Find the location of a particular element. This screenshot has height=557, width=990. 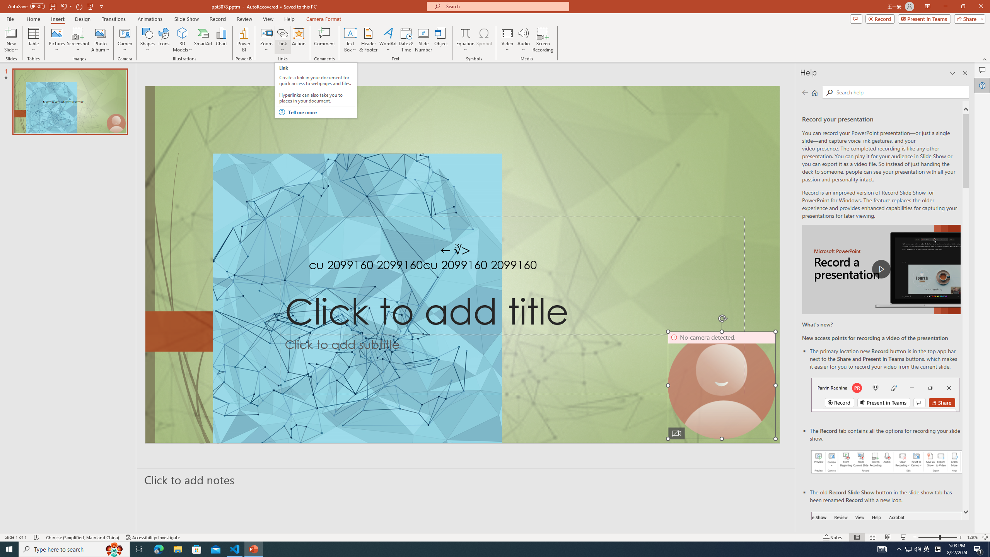

'Screenshot' is located at coordinates (78, 40).